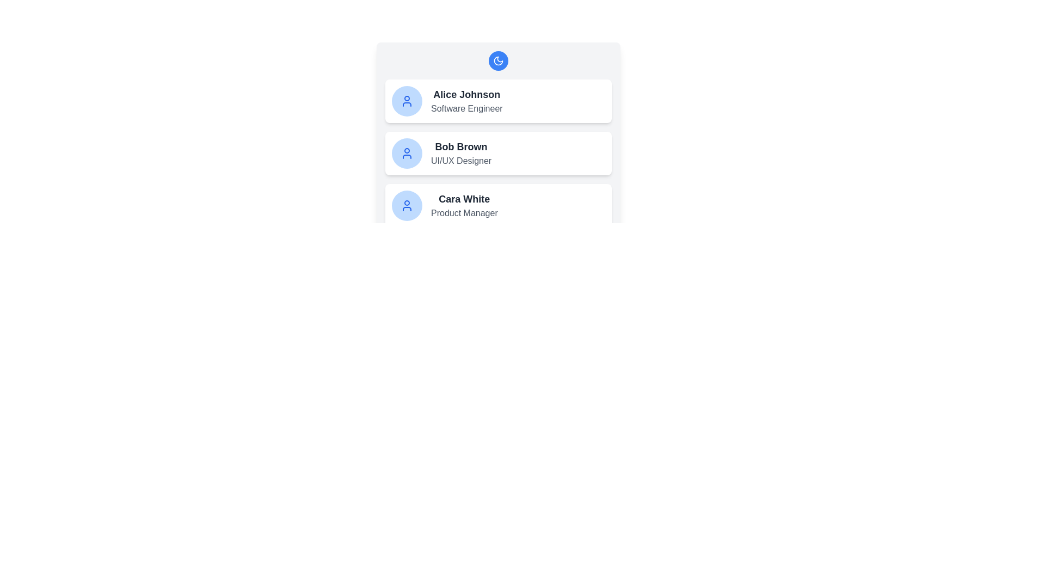 The image size is (1045, 588). I want to click on the profile card for 'Cara White', which is the third item in a vertically stacked list, by clicking on it to access specific sub-elements within the card, so click(498, 206).